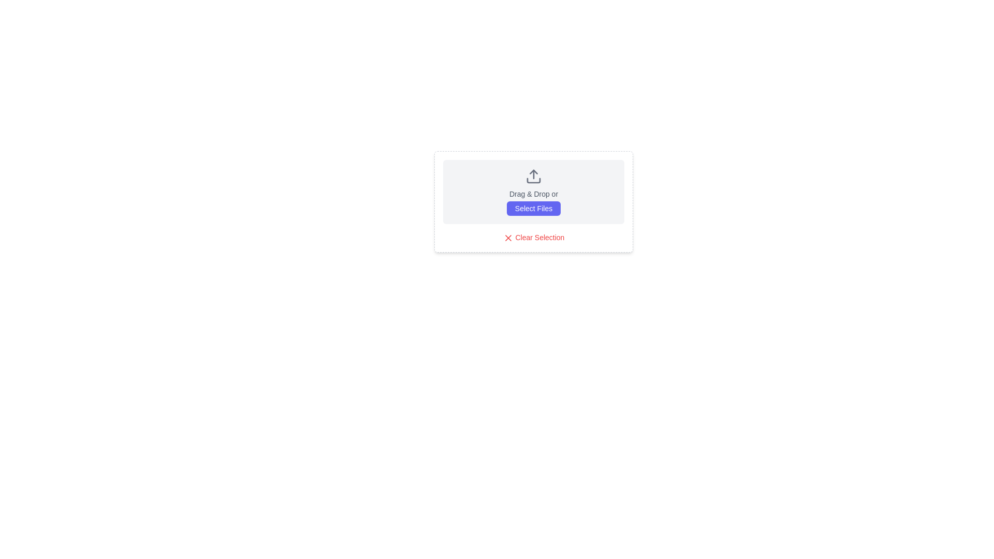 The image size is (994, 559). I want to click on the instructional text block that indicates the option to drag and drop files, located above the 'Select Files' button, so click(534, 194).